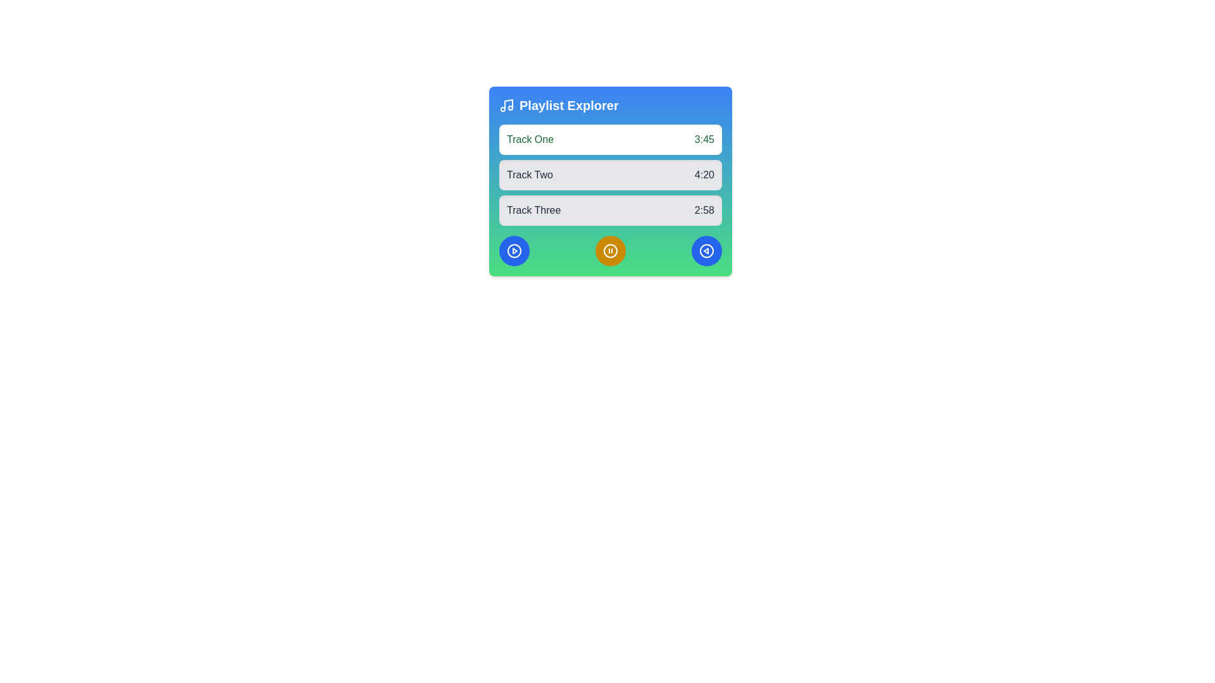 Image resolution: width=1215 pixels, height=683 pixels. I want to click on the musical note icon located in the header of the 'Playlist Explorer' card, which is positioned at the top-left corner of the card, preceding the title text, so click(507, 104).